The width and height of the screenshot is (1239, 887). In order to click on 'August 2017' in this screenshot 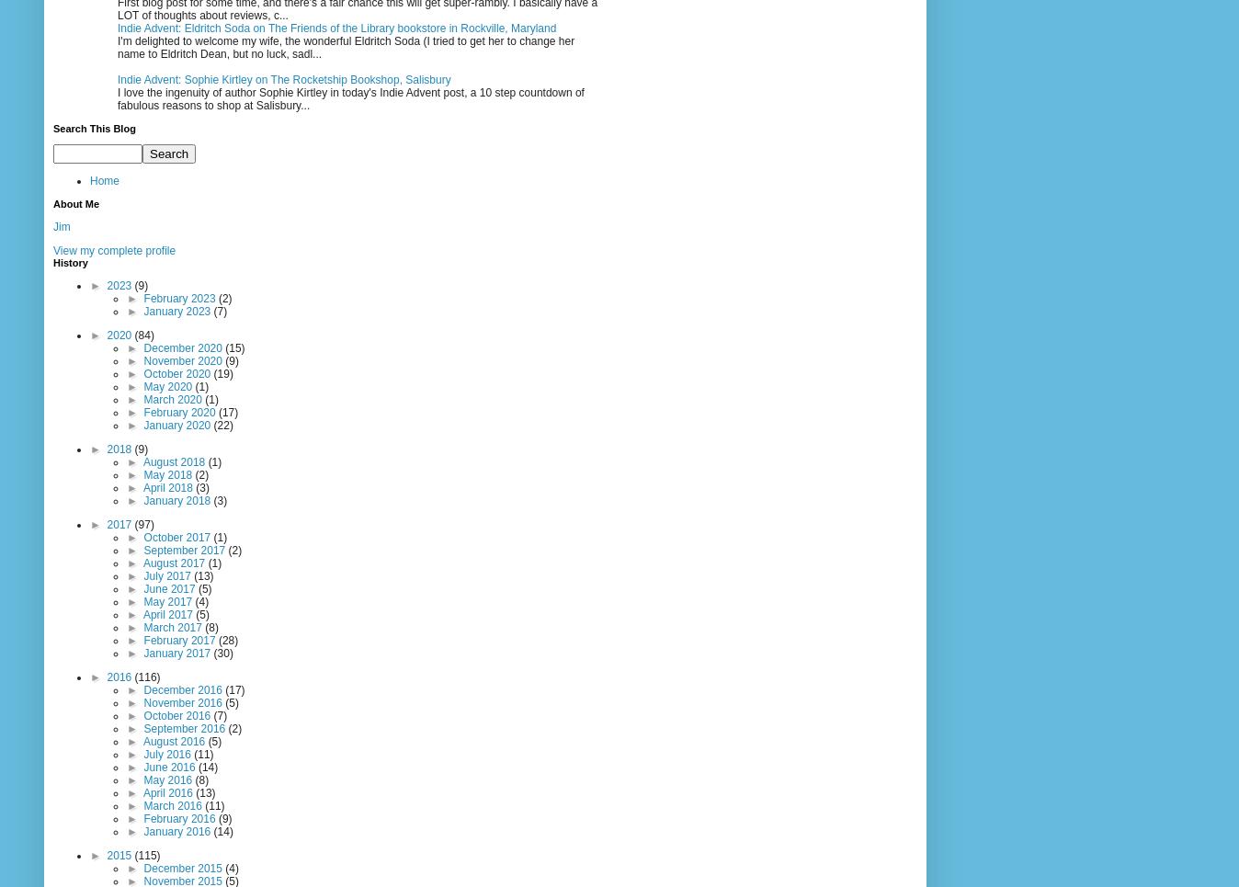, I will do `click(175, 562)`.